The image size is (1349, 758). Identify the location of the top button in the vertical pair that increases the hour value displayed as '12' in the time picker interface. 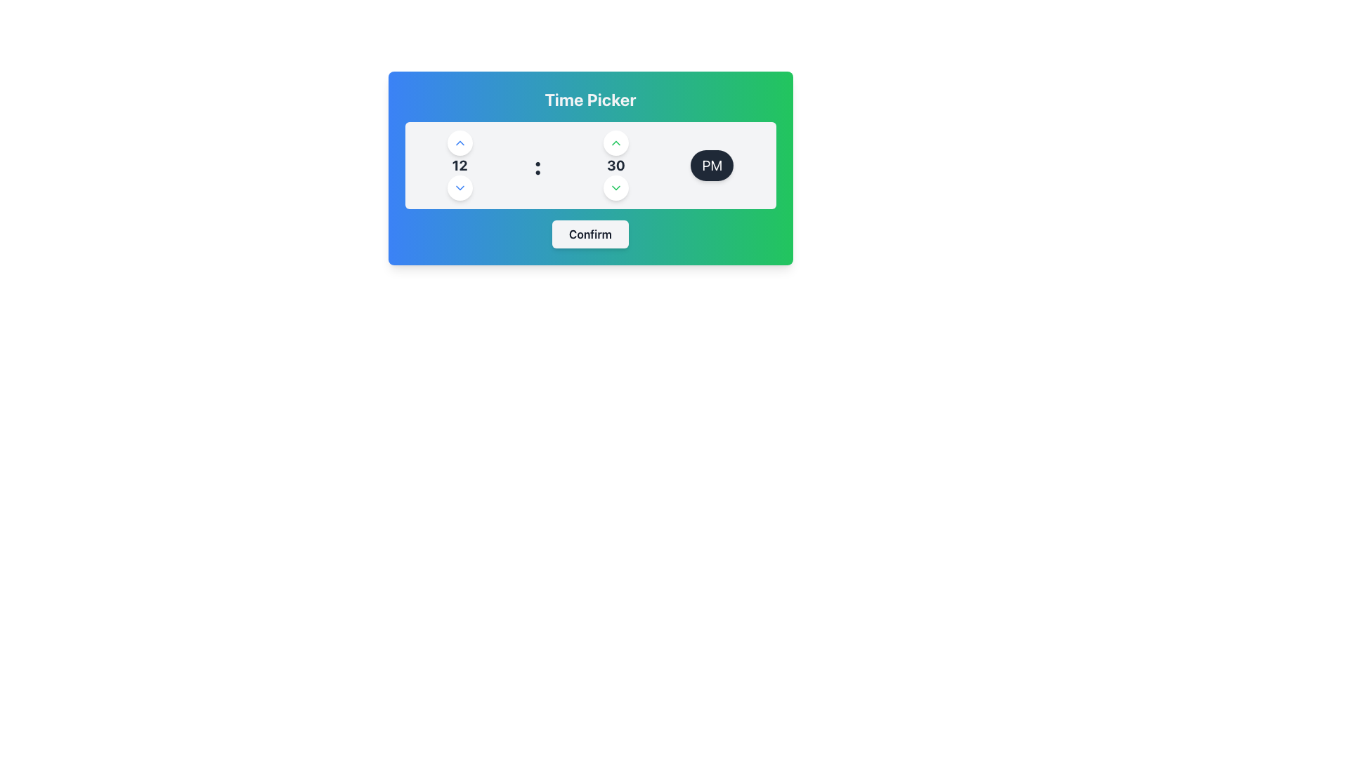
(460, 143).